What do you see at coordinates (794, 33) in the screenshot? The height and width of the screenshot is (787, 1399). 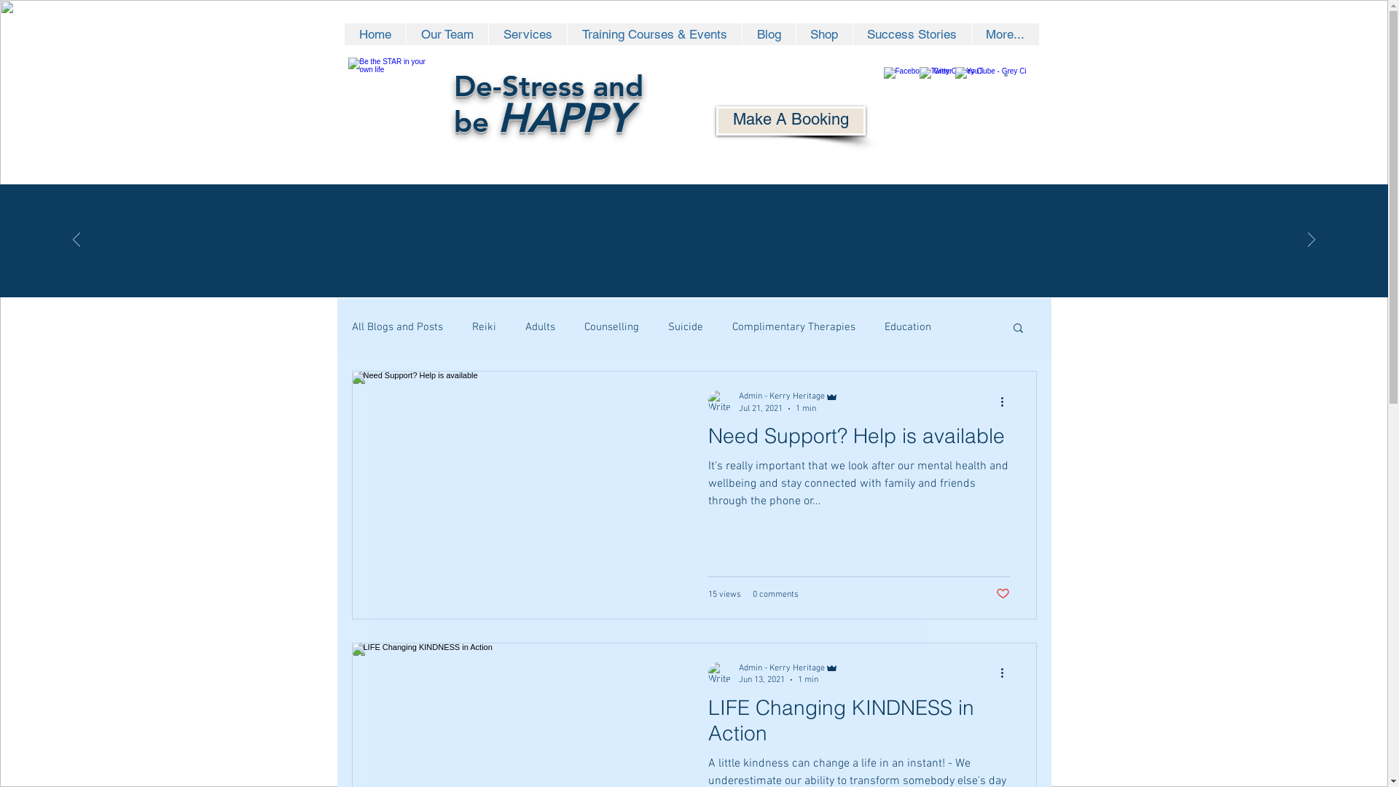 I see `'Shop'` at bounding box center [794, 33].